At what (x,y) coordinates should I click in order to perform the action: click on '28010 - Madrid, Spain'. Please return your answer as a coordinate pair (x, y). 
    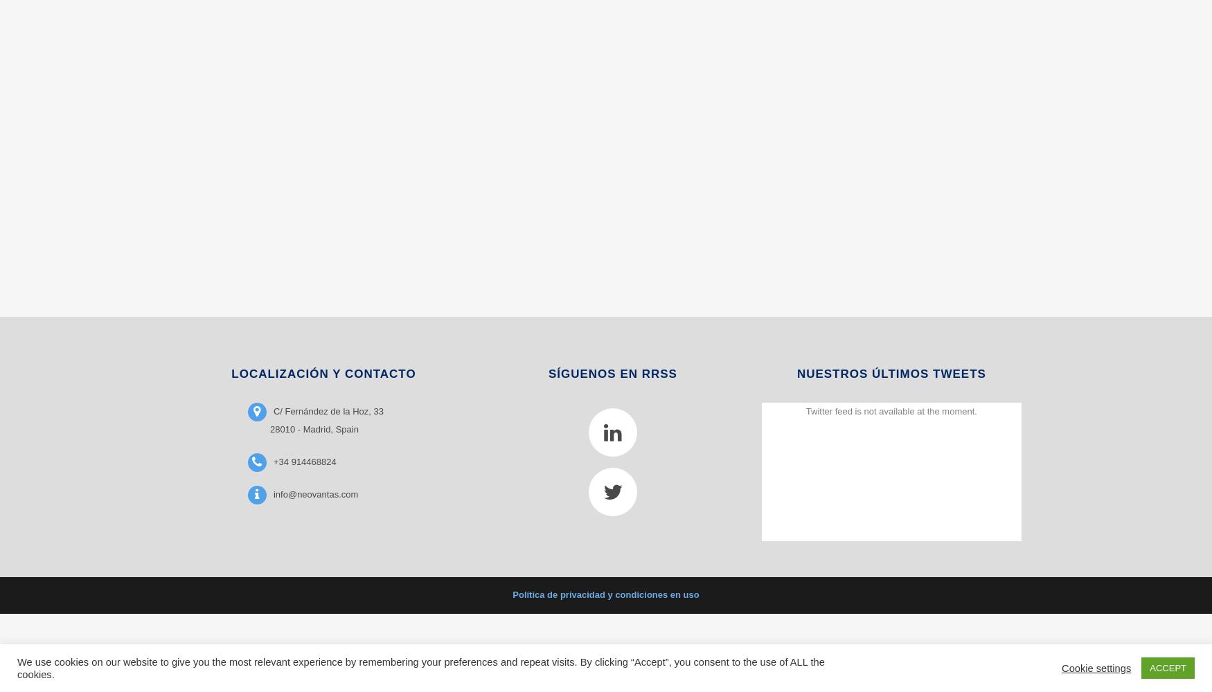
    Looking at the image, I should click on (314, 428).